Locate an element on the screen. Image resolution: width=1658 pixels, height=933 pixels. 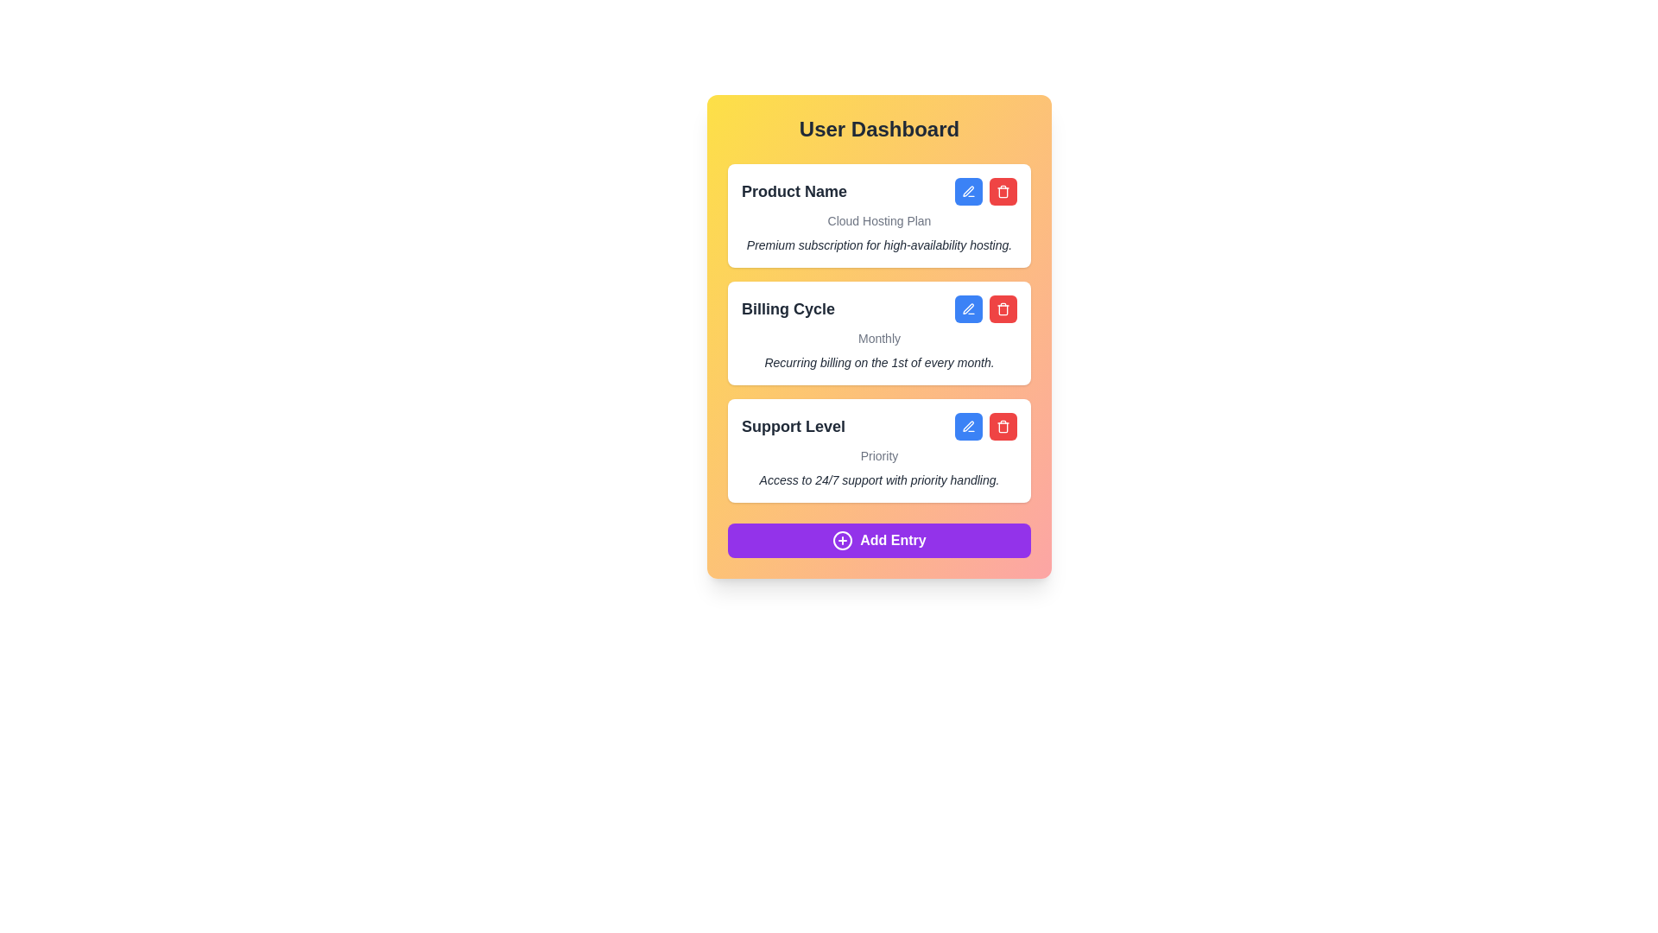
the edit button for the 'Support Level' section is located at coordinates (969, 426).